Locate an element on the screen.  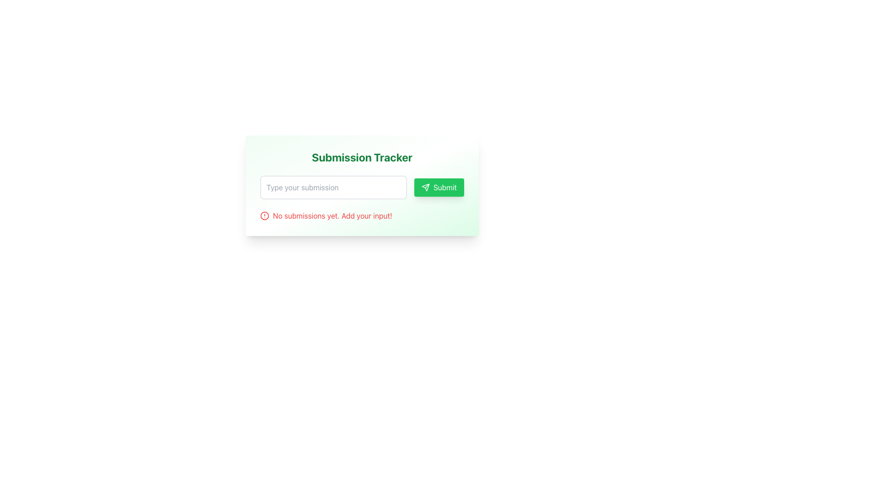
the heading 'Submission Tracker' which is styled with a bold and green font, located prominently at the top of the submission functionalities box is located at coordinates (362, 156).